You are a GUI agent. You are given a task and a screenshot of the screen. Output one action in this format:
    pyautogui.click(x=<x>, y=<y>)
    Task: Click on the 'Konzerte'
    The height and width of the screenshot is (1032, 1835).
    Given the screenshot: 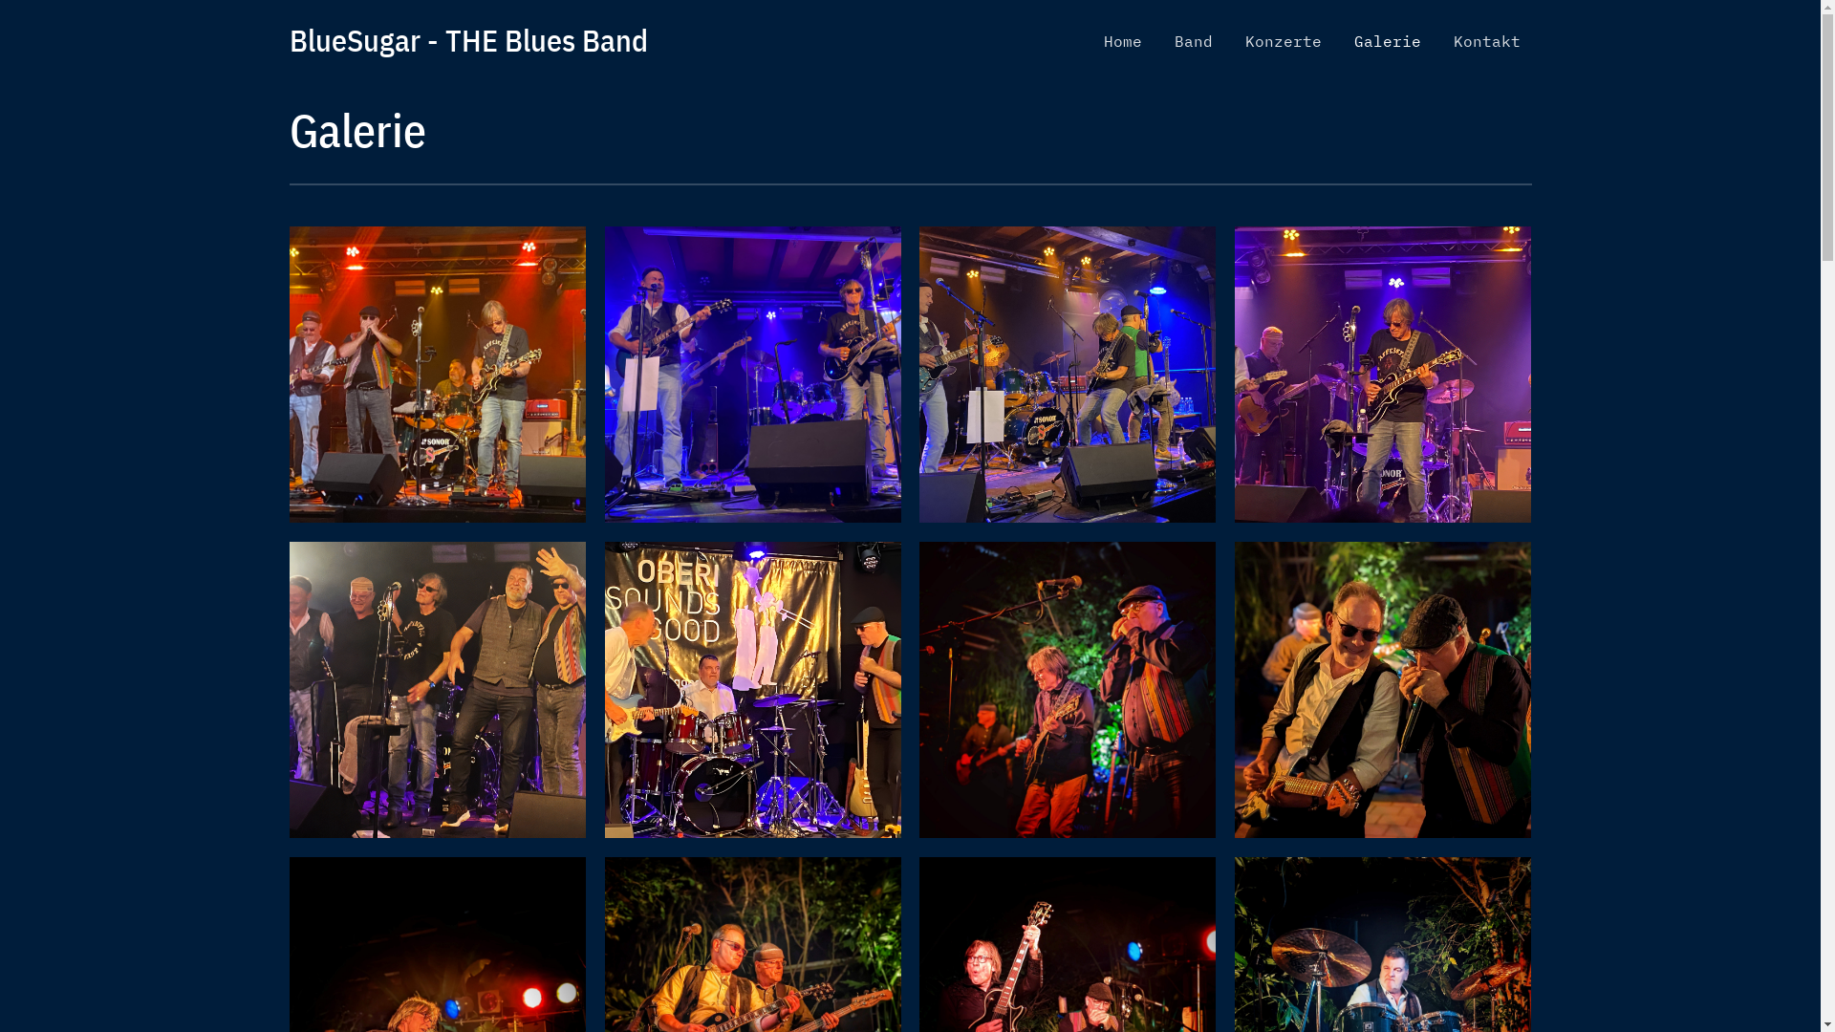 What is the action you would take?
    pyautogui.click(x=1283, y=40)
    